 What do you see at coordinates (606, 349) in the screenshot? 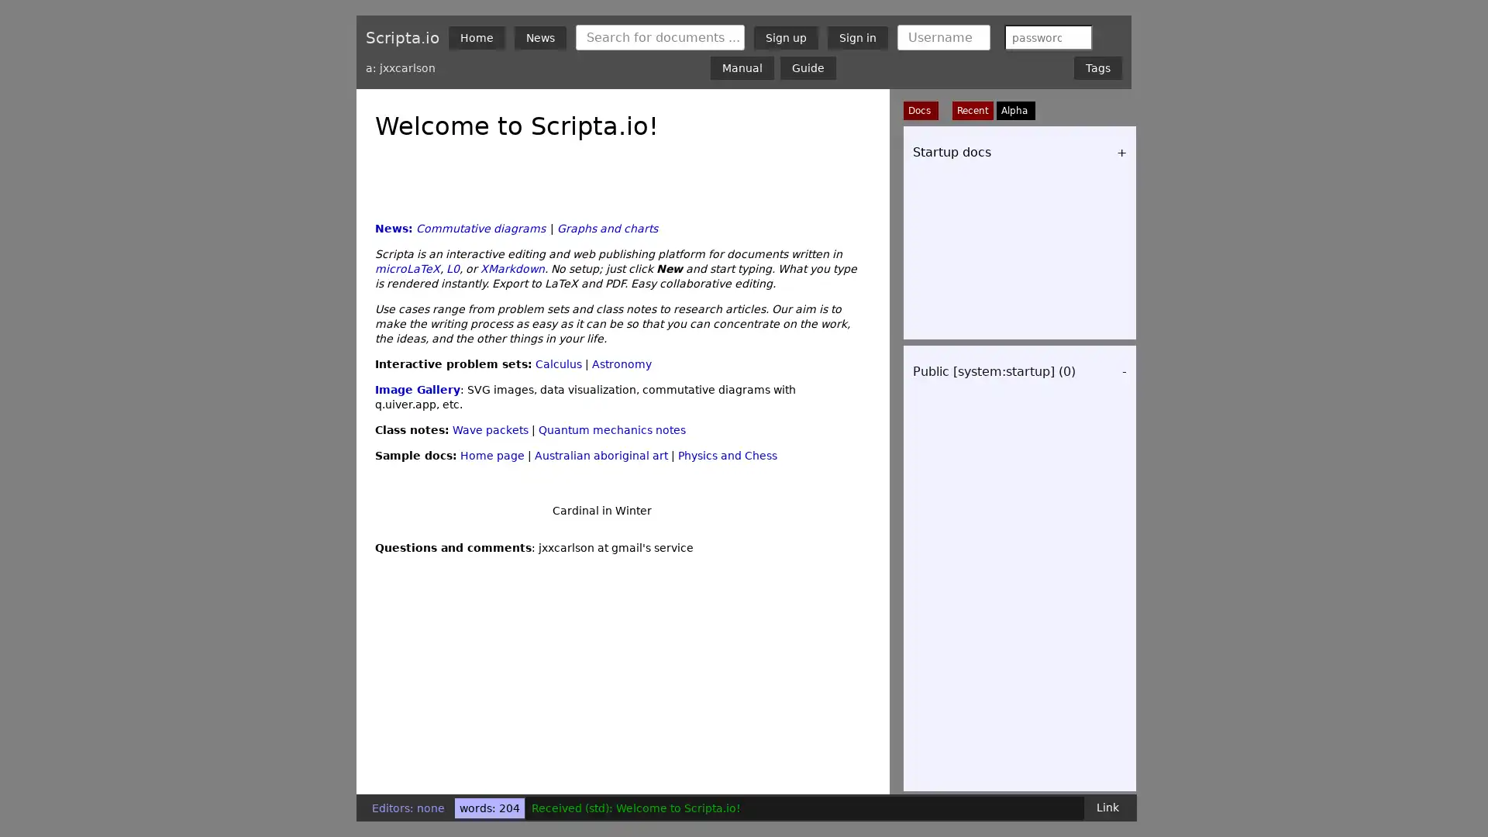
I see `Graphs and charts` at bounding box center [606, 349].